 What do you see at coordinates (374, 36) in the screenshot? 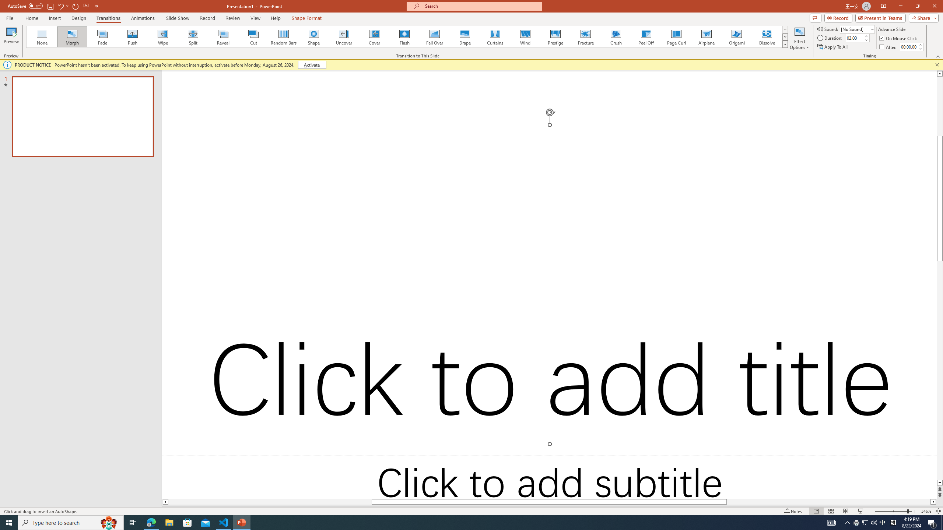
I see `'Cover'` at bounding box center [374, 36].